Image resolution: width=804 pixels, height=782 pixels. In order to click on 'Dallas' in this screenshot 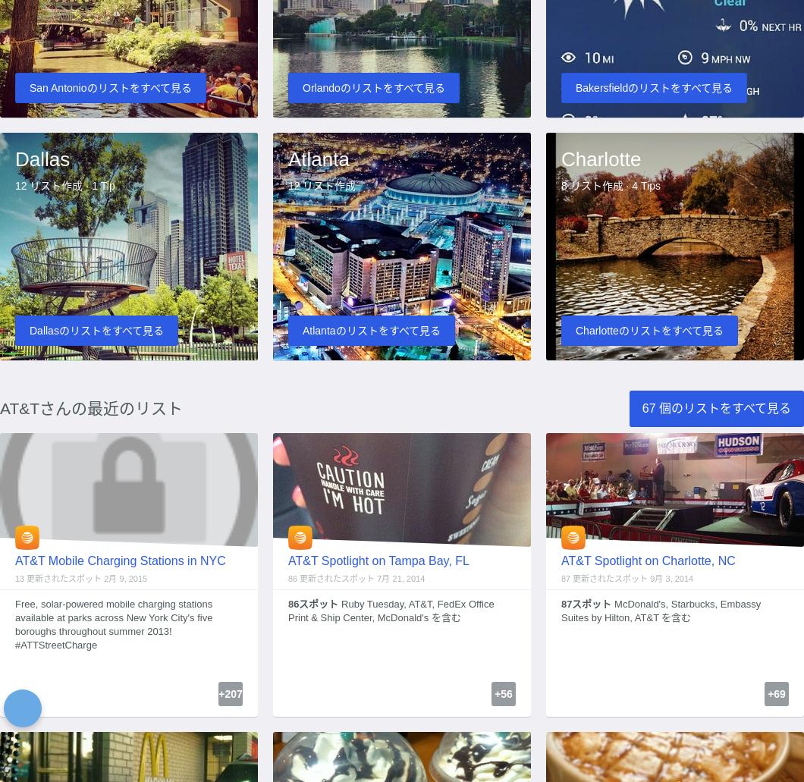, I will do `click(15, 158)`.